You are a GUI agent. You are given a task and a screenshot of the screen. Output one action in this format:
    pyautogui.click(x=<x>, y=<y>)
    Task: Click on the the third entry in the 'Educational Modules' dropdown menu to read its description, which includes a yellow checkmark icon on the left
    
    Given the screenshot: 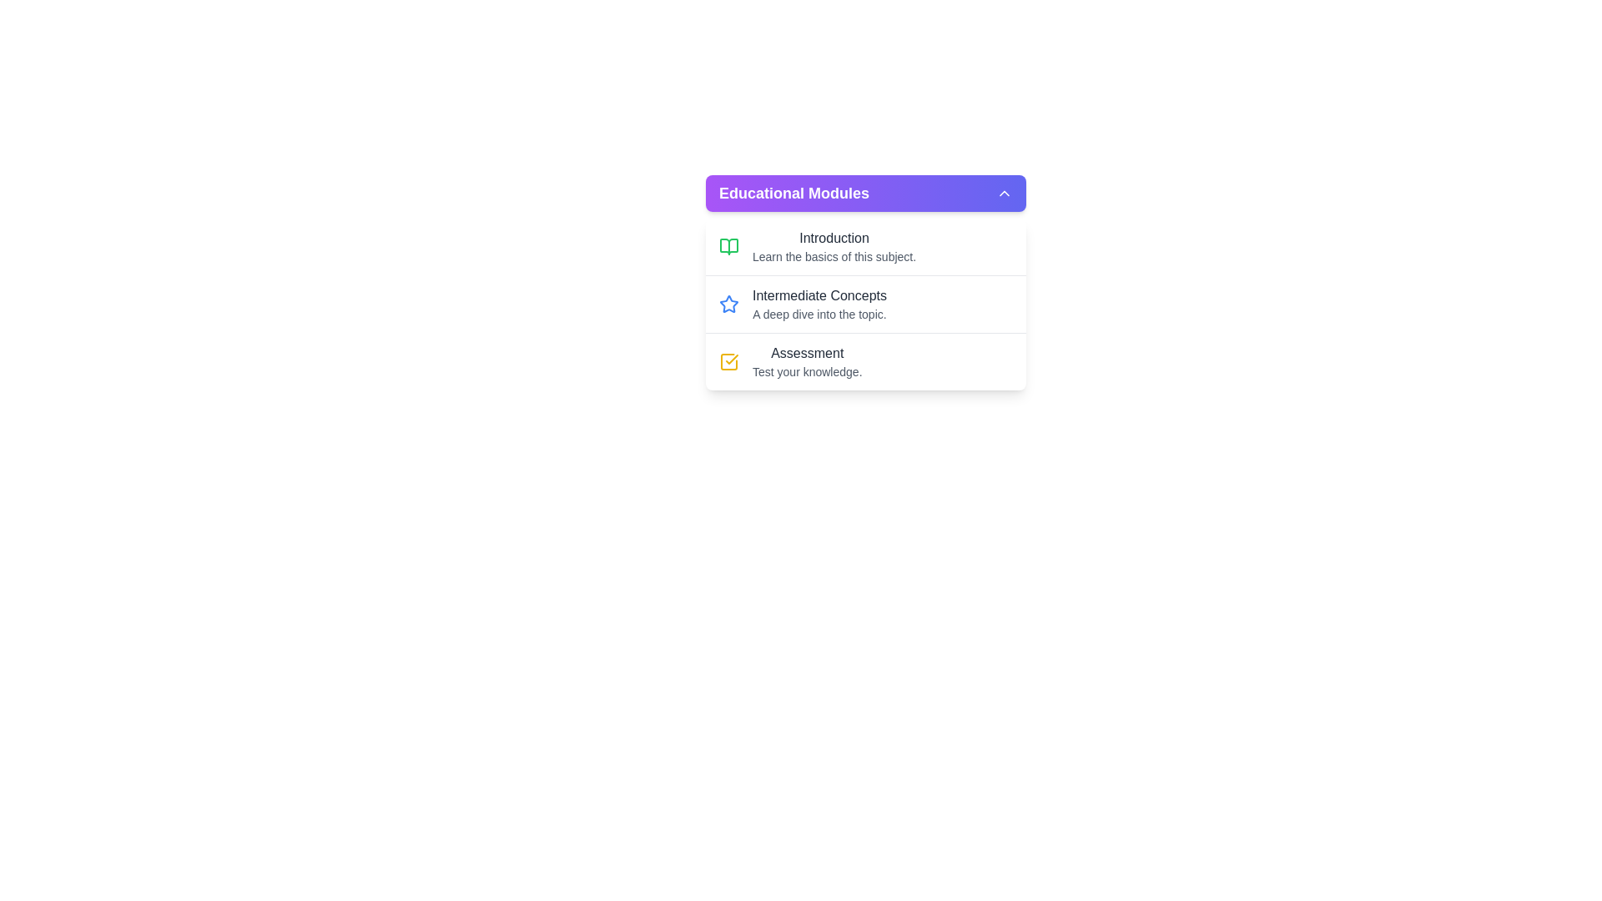 What is the action you would take?
    pyautogui.click(x=807, y=361)
    